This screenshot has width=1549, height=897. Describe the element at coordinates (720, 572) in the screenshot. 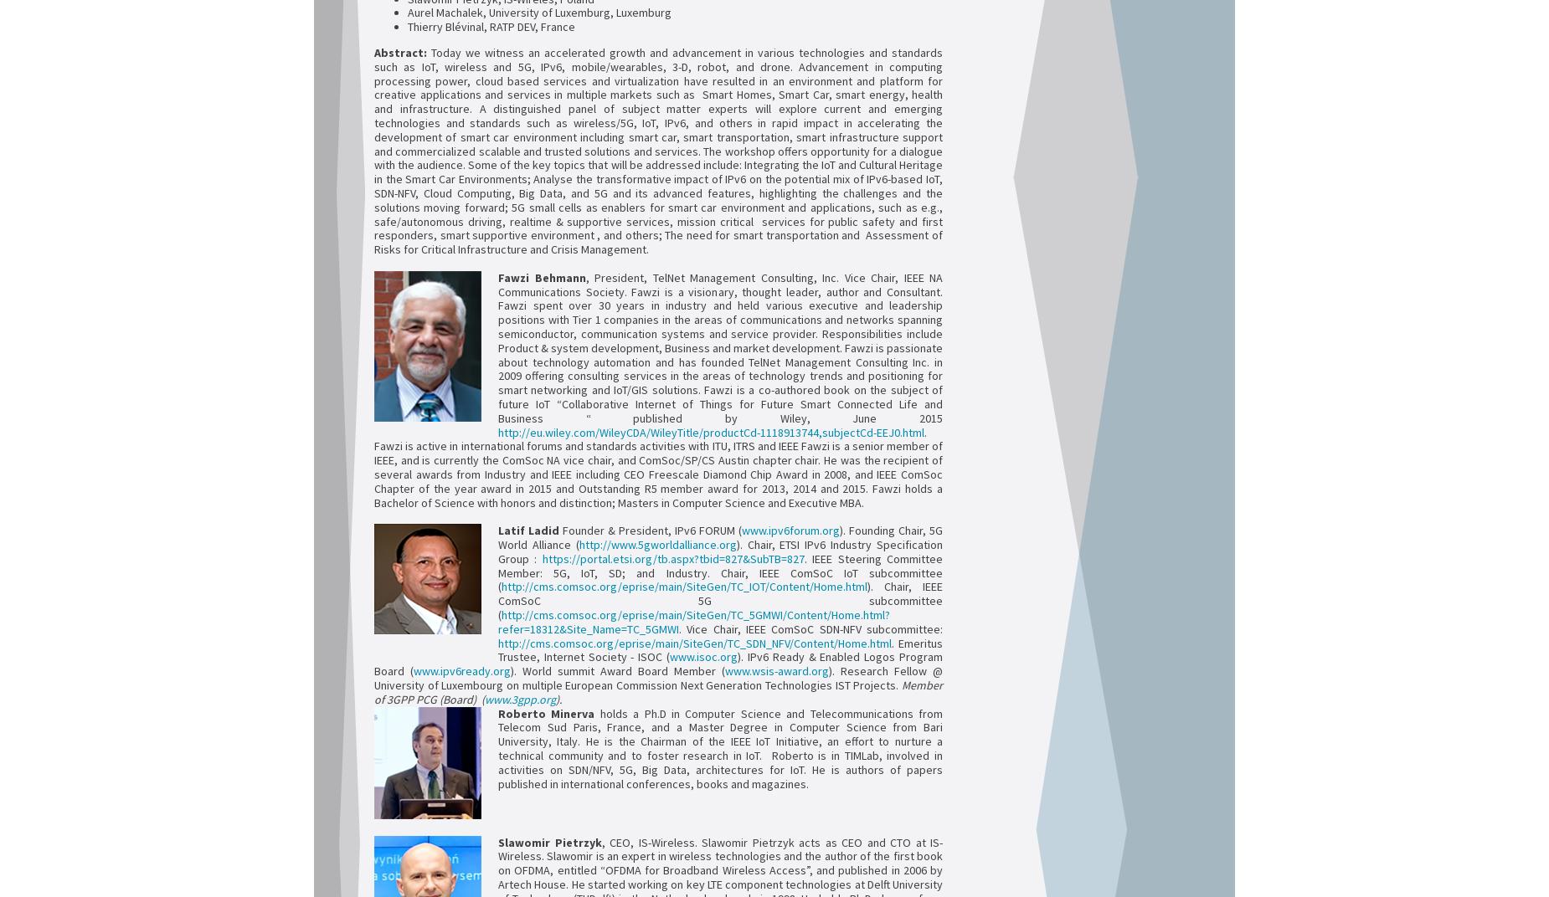

I see `'. IEEE Steering Committee Member: 5G, IoT, SD; and Industry. Chair, IEEE ComSoC IoT subcommittee ('` at that location.